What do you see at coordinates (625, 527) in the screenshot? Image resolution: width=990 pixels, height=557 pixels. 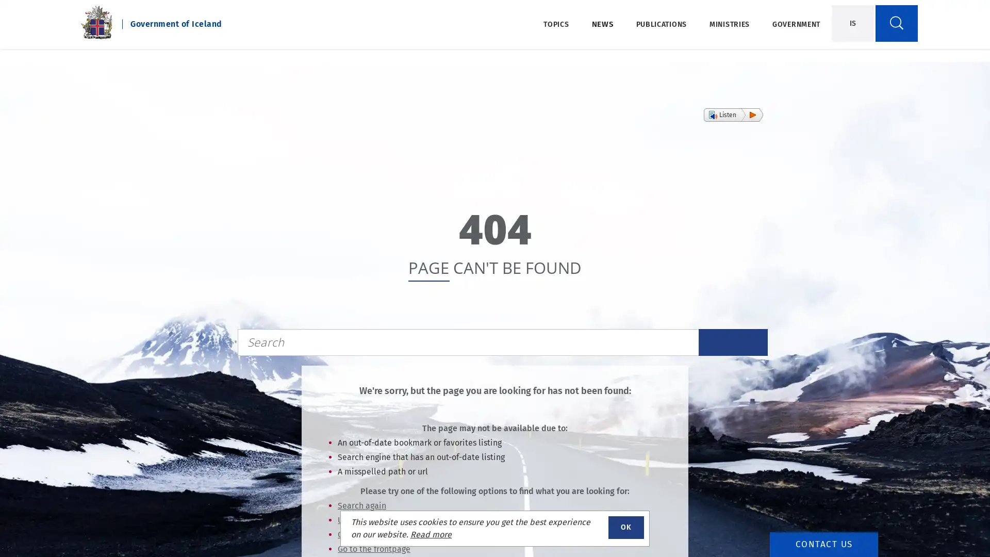 I see `OK` at bounding box center [625, 527].